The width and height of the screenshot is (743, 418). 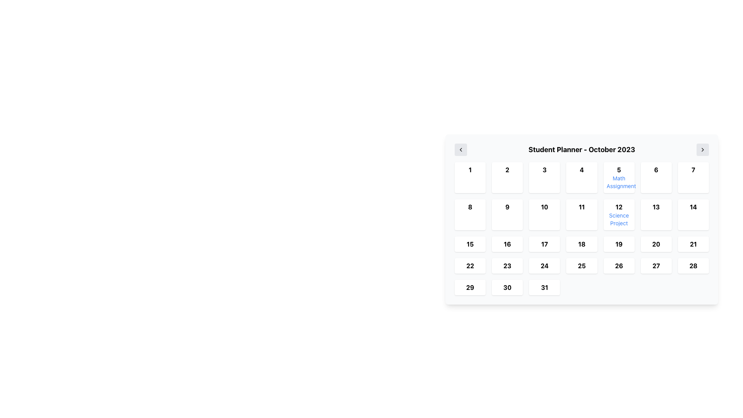 I want to click on the date cell displaying '16', so click(x=507, y=244).